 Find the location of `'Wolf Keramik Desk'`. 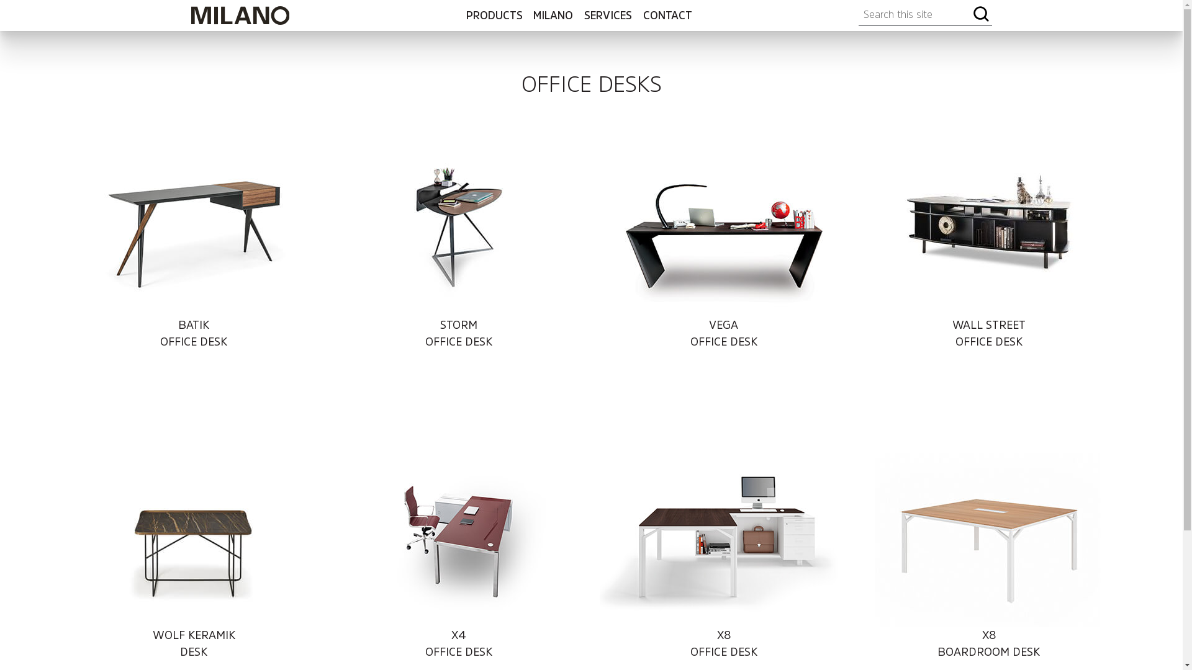

'Wolf Keramik Desk' is located at coordinates (193, 502).